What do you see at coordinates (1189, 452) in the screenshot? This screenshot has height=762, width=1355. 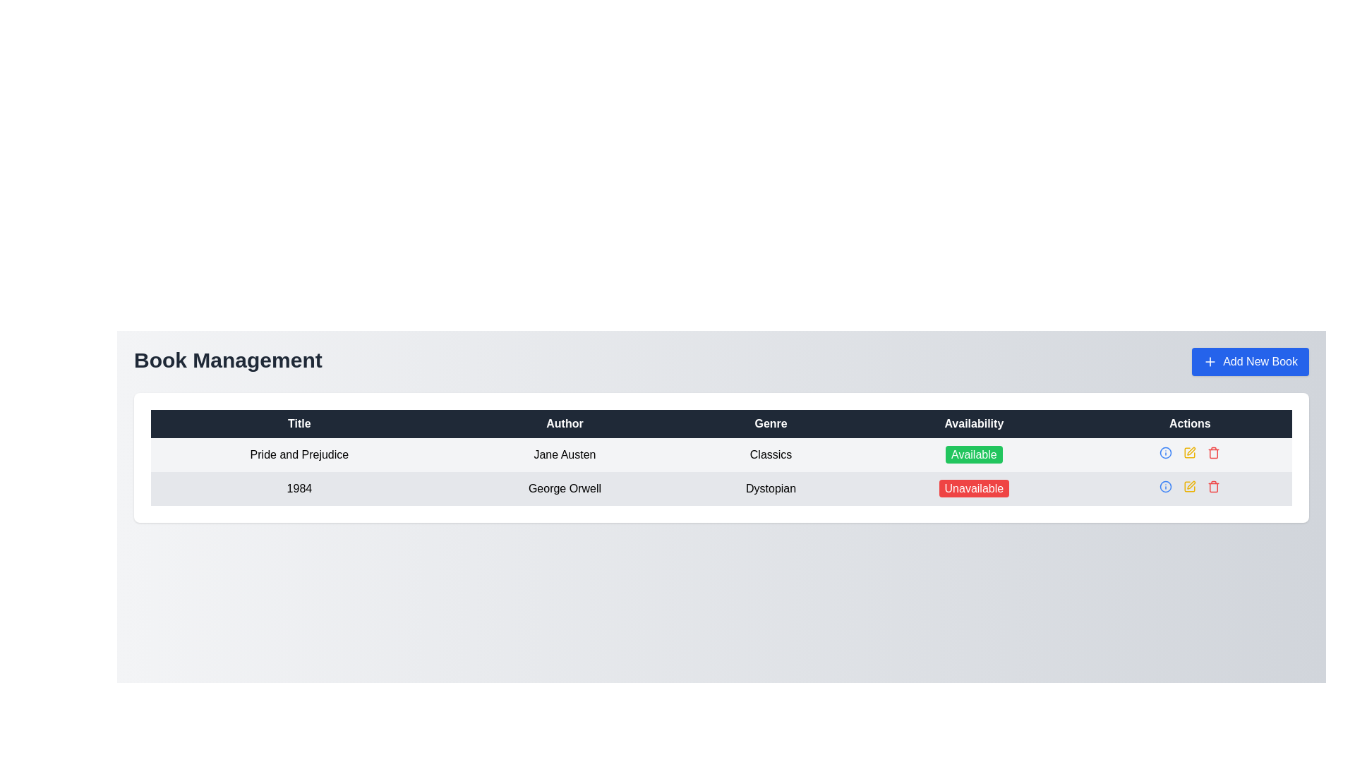 I see `the edit button for the item '1984' located in the second row of the 'Actions' column to initiate editing` at bounding box center [1189, 452].